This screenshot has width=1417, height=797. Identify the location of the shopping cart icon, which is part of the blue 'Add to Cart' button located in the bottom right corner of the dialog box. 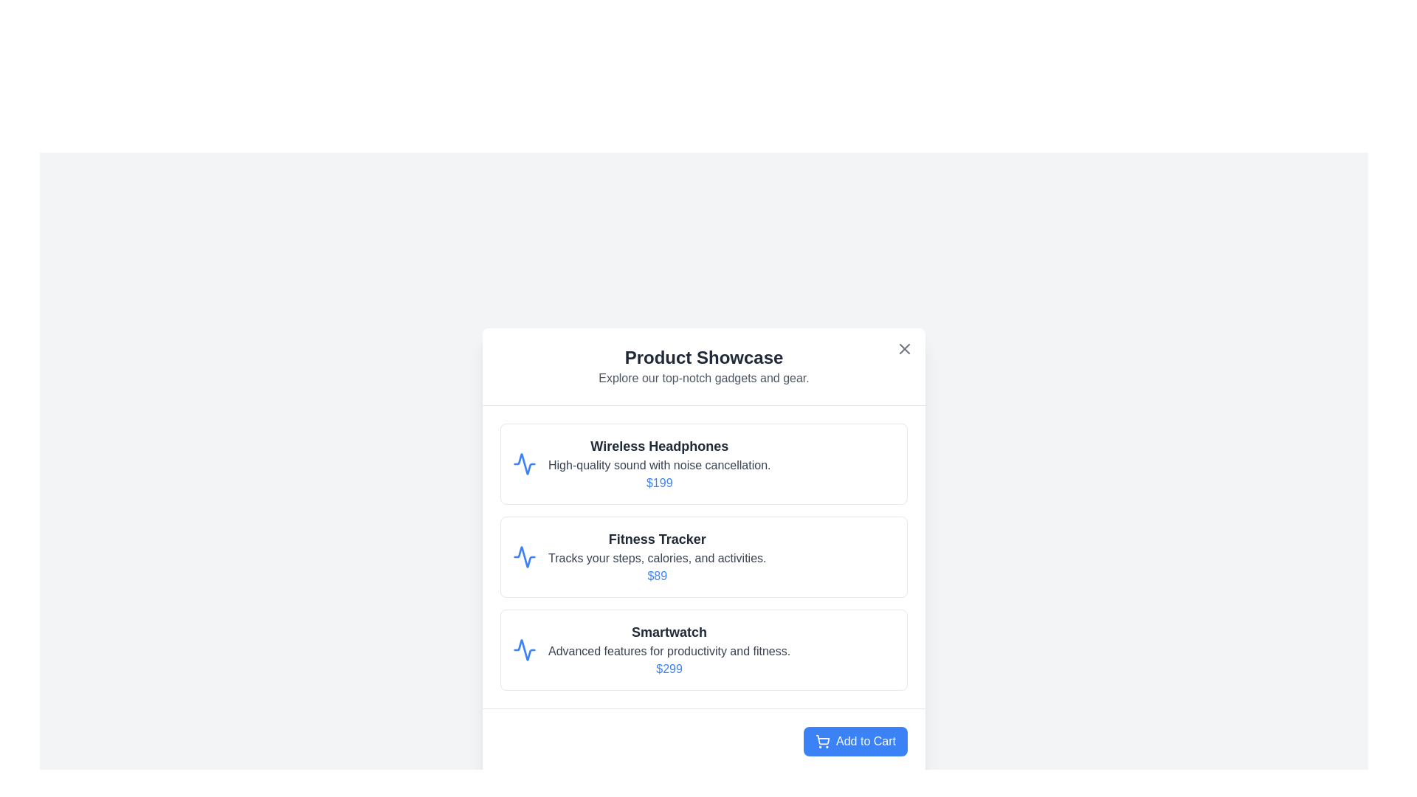
(822, 739).